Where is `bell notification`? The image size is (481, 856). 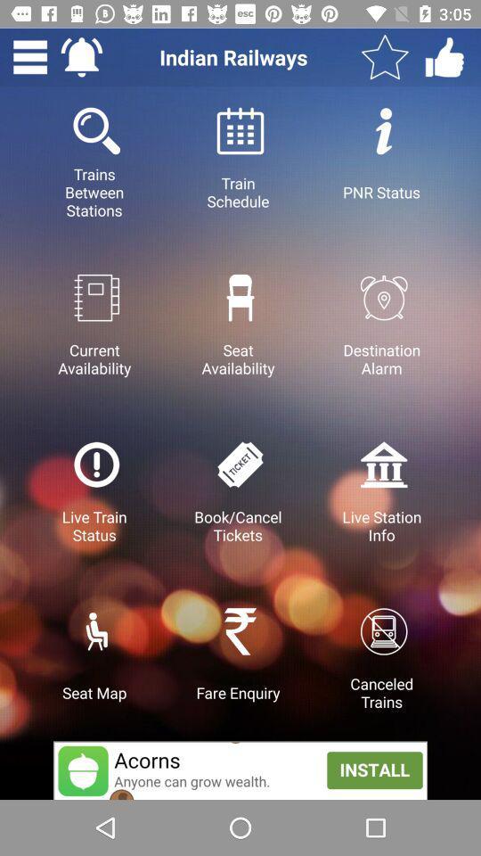
bell notification is located at coordinates (80, 57).